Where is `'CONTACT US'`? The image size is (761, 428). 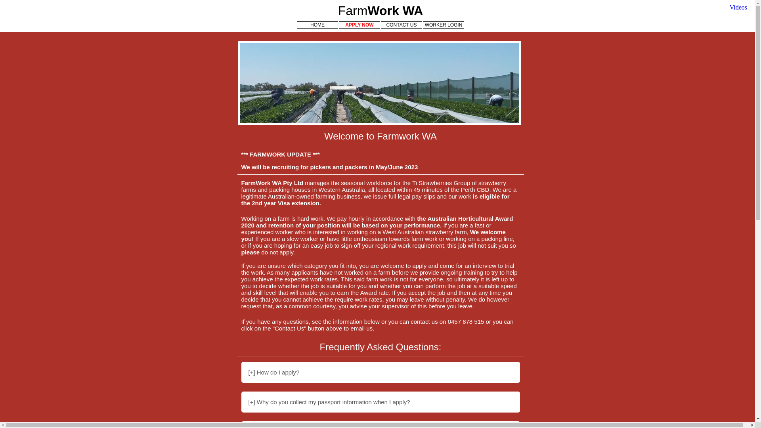
'CONTACT US' is located at coordinates (401, 24).